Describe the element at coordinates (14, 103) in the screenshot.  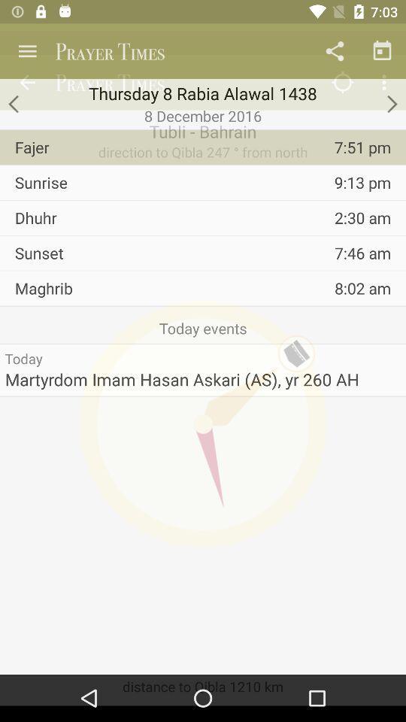
I see `go back` at that location.